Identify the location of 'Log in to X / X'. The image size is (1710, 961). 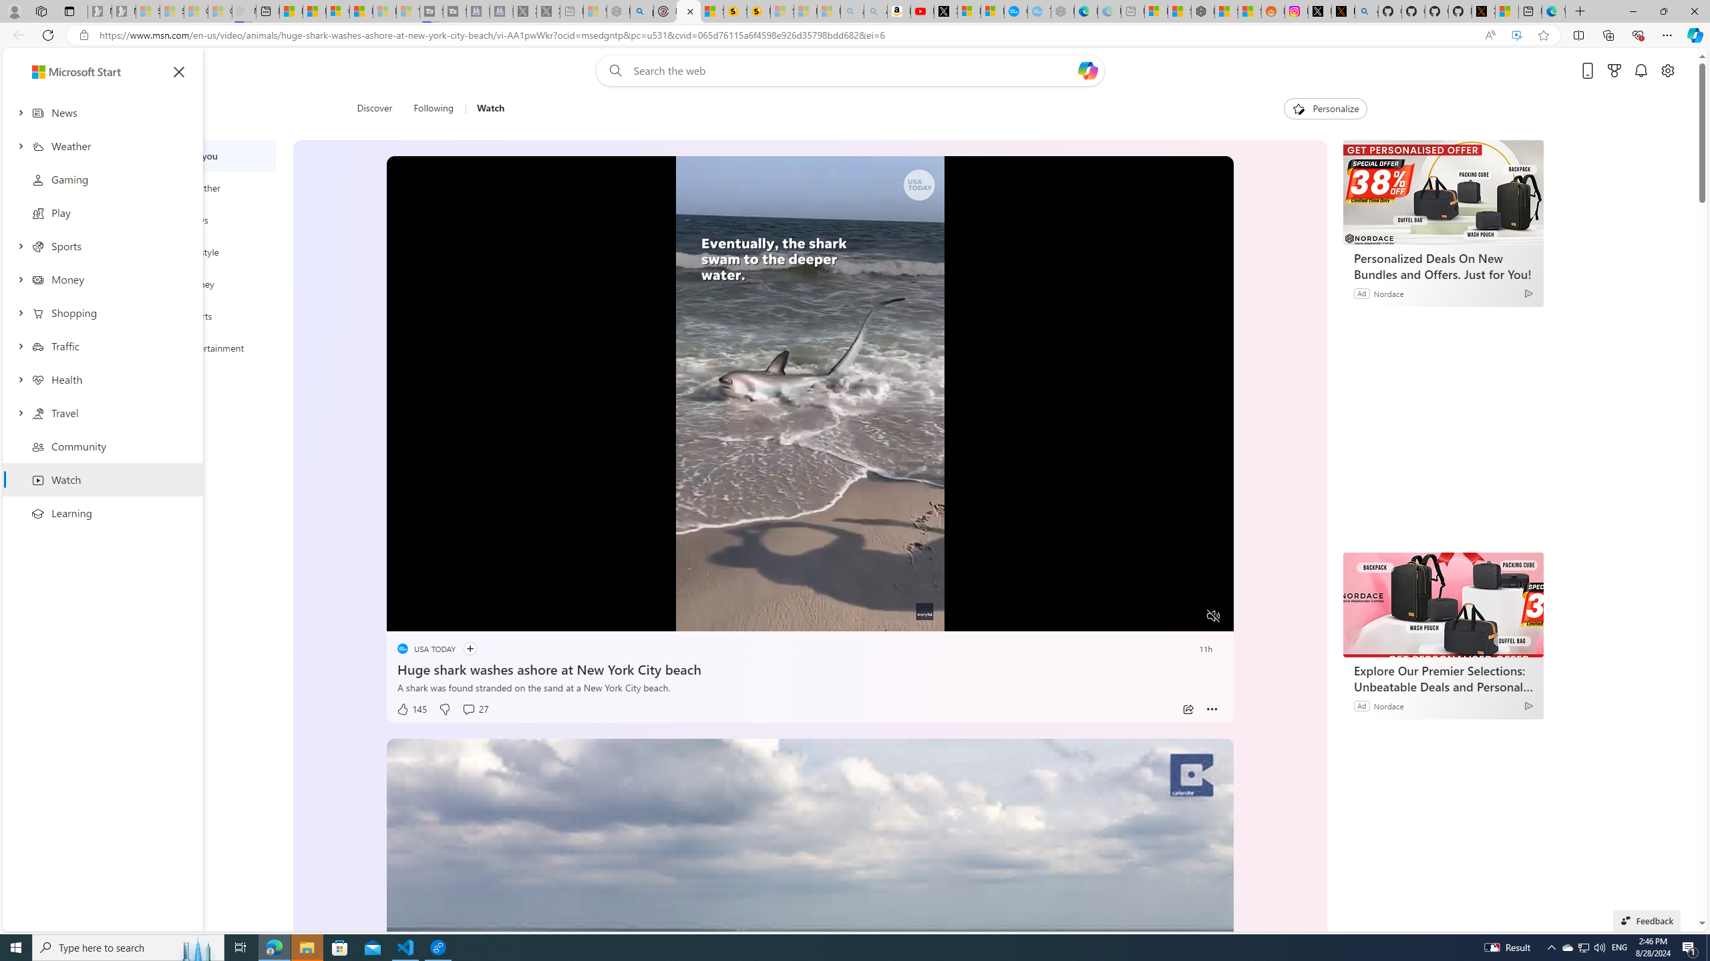
(1320, 11).